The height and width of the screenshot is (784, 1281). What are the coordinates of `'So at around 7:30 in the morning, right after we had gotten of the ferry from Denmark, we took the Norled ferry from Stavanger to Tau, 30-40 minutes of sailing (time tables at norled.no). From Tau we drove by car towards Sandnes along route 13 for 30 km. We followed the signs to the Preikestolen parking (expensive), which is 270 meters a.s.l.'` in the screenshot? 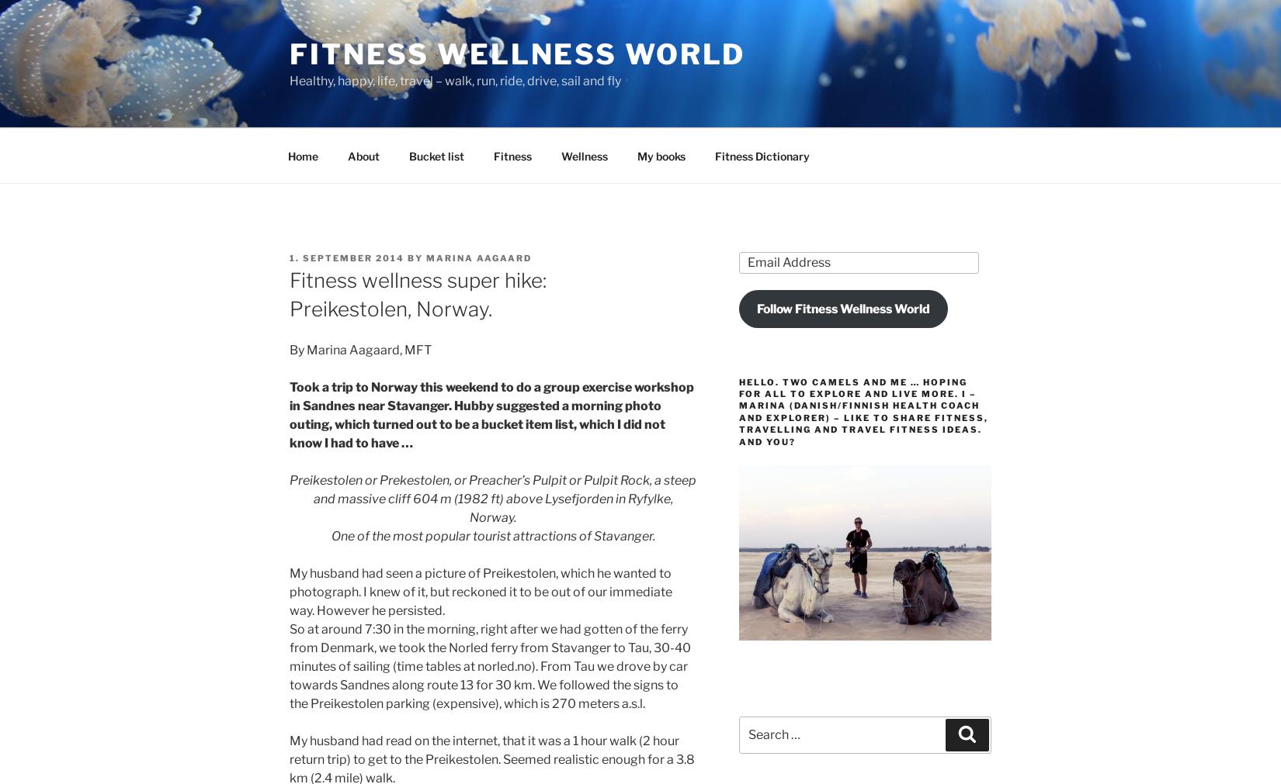 It's located at (489, 665).